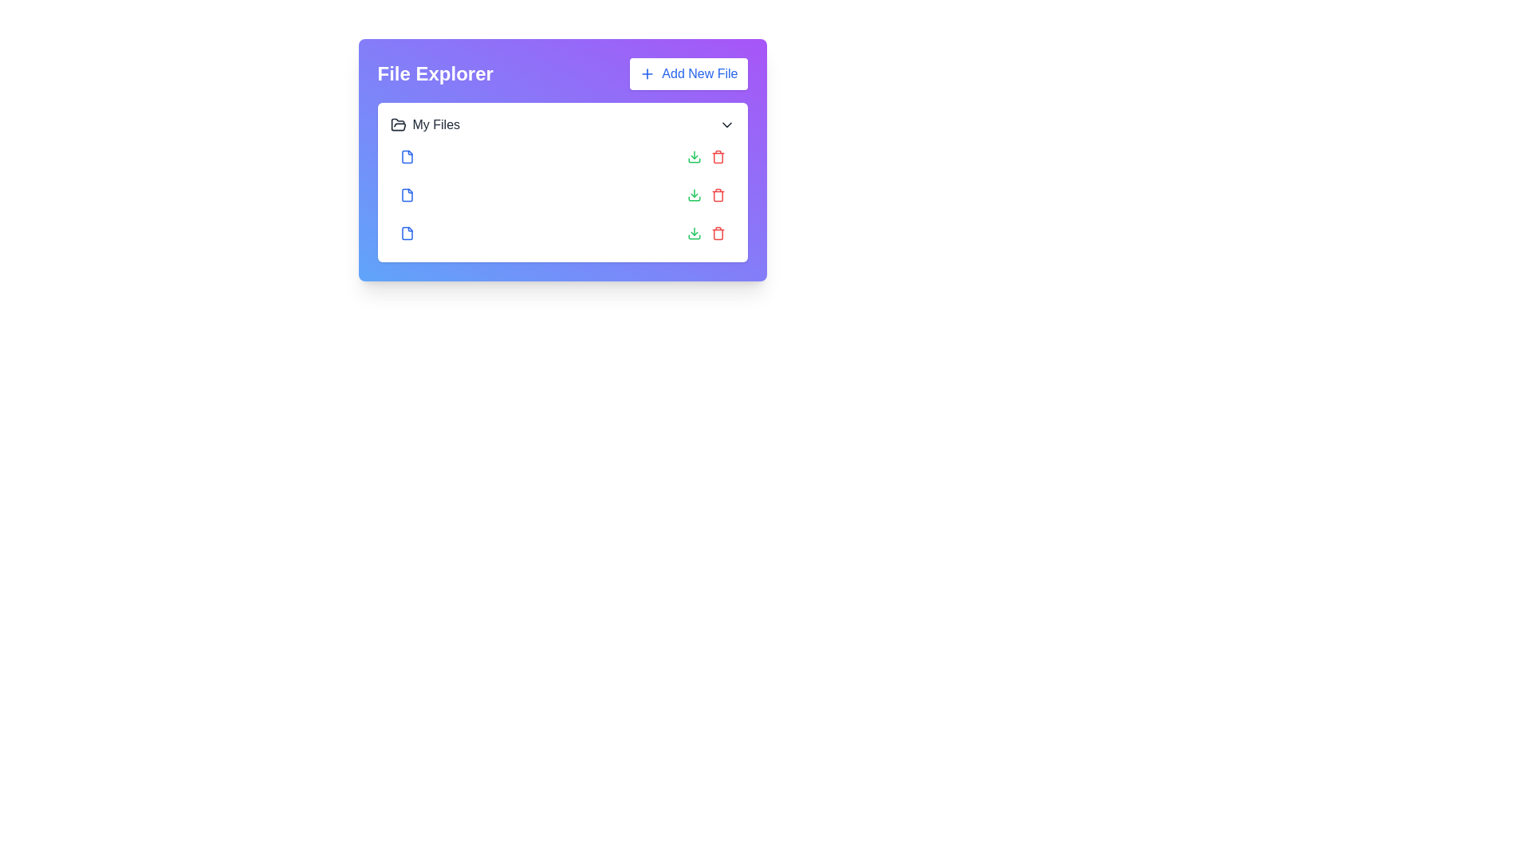 The image size is (1531, 861). I want to click on the downward-pointing chevron icon next to the 'My Files' header, so click(726, 124).